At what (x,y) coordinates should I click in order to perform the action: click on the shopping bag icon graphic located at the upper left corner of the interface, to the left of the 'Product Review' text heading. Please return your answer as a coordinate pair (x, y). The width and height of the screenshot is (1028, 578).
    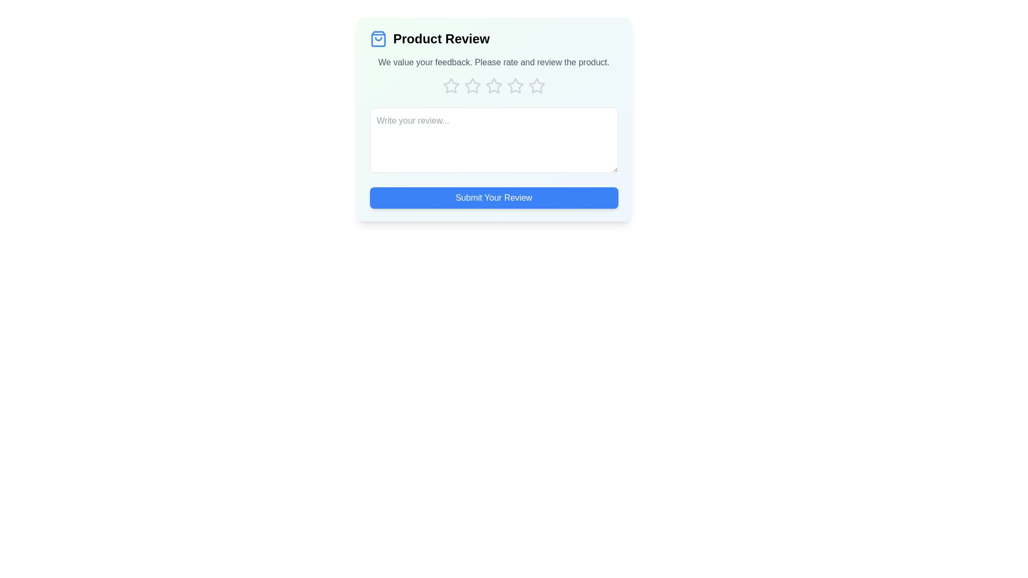
    Looking at the image, I should click on (378, 39).